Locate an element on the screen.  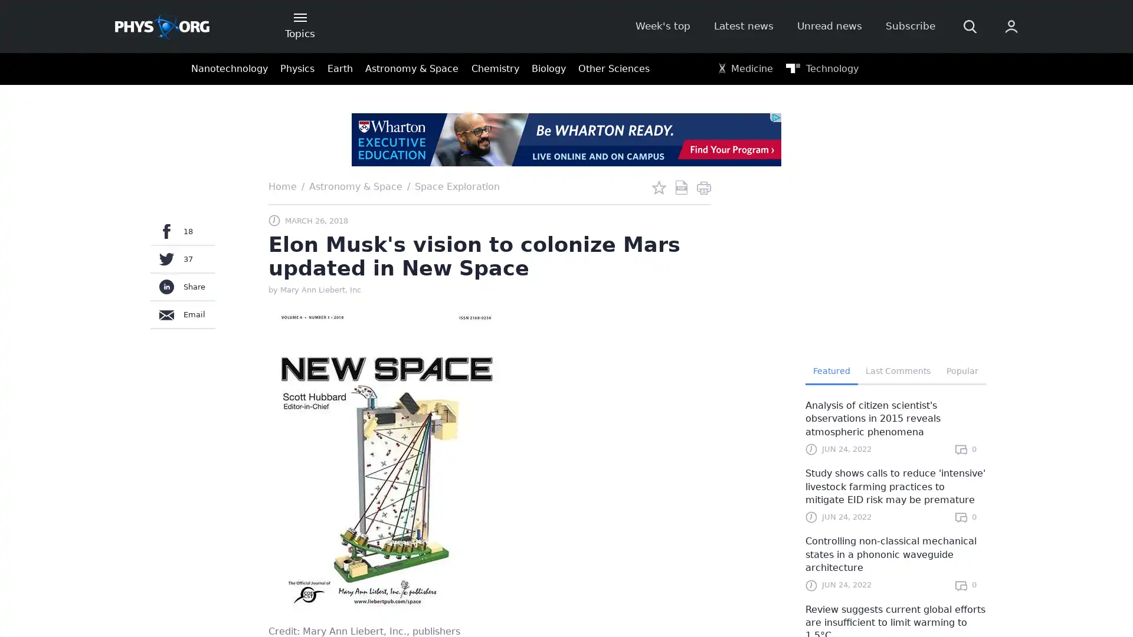
Sign In is located at coordinates (866, 199).